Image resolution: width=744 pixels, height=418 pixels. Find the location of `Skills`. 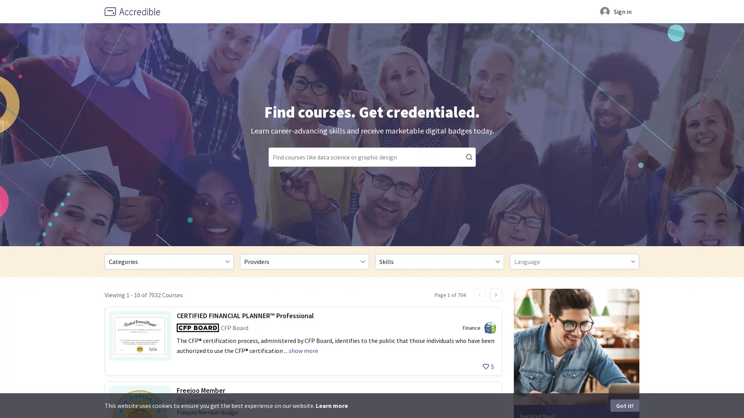

Skills is located at coordinates (439, 261).